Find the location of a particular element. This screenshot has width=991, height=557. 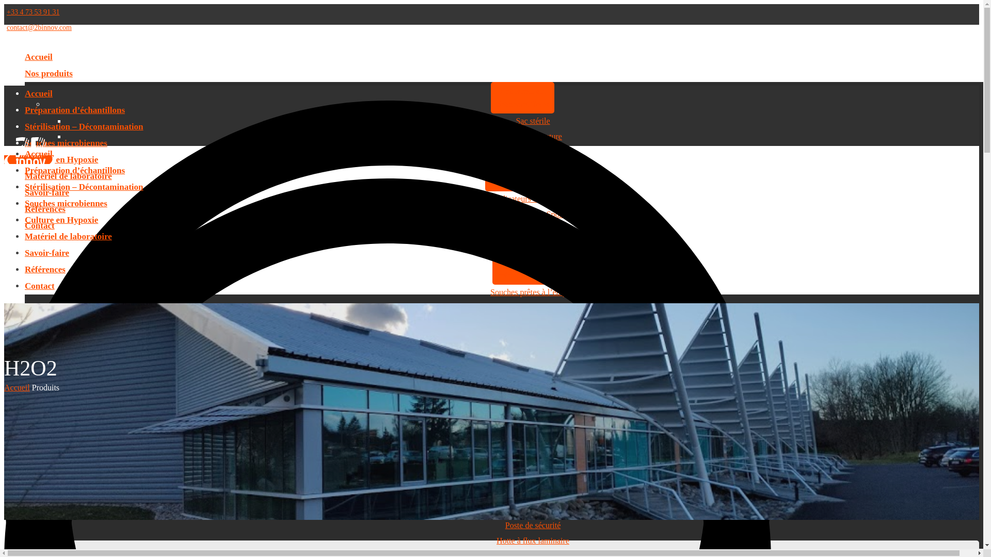

'Nos produits' is located at coordinates (48, 73).